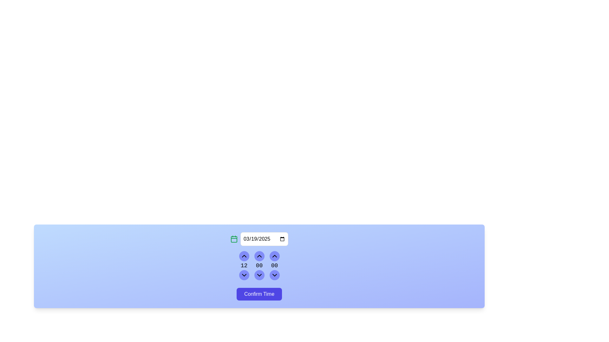  I want to click on the static text display element showing the number '12' within the numeric spinner component, positioned between two button-like elements, so click(244, 266).